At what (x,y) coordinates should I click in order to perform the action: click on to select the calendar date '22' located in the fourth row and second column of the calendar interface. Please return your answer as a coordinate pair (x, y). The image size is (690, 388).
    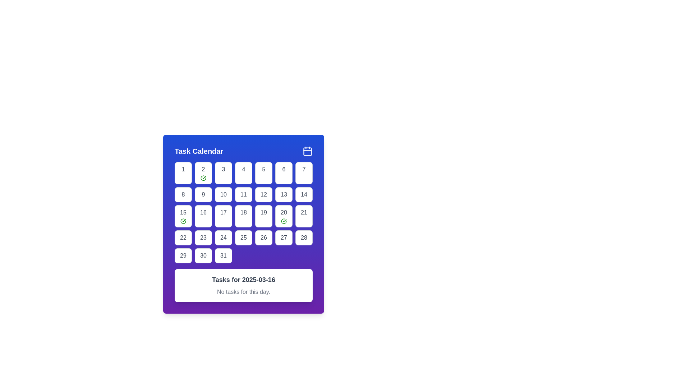
    Looking at the image, I should click on (183, 238).